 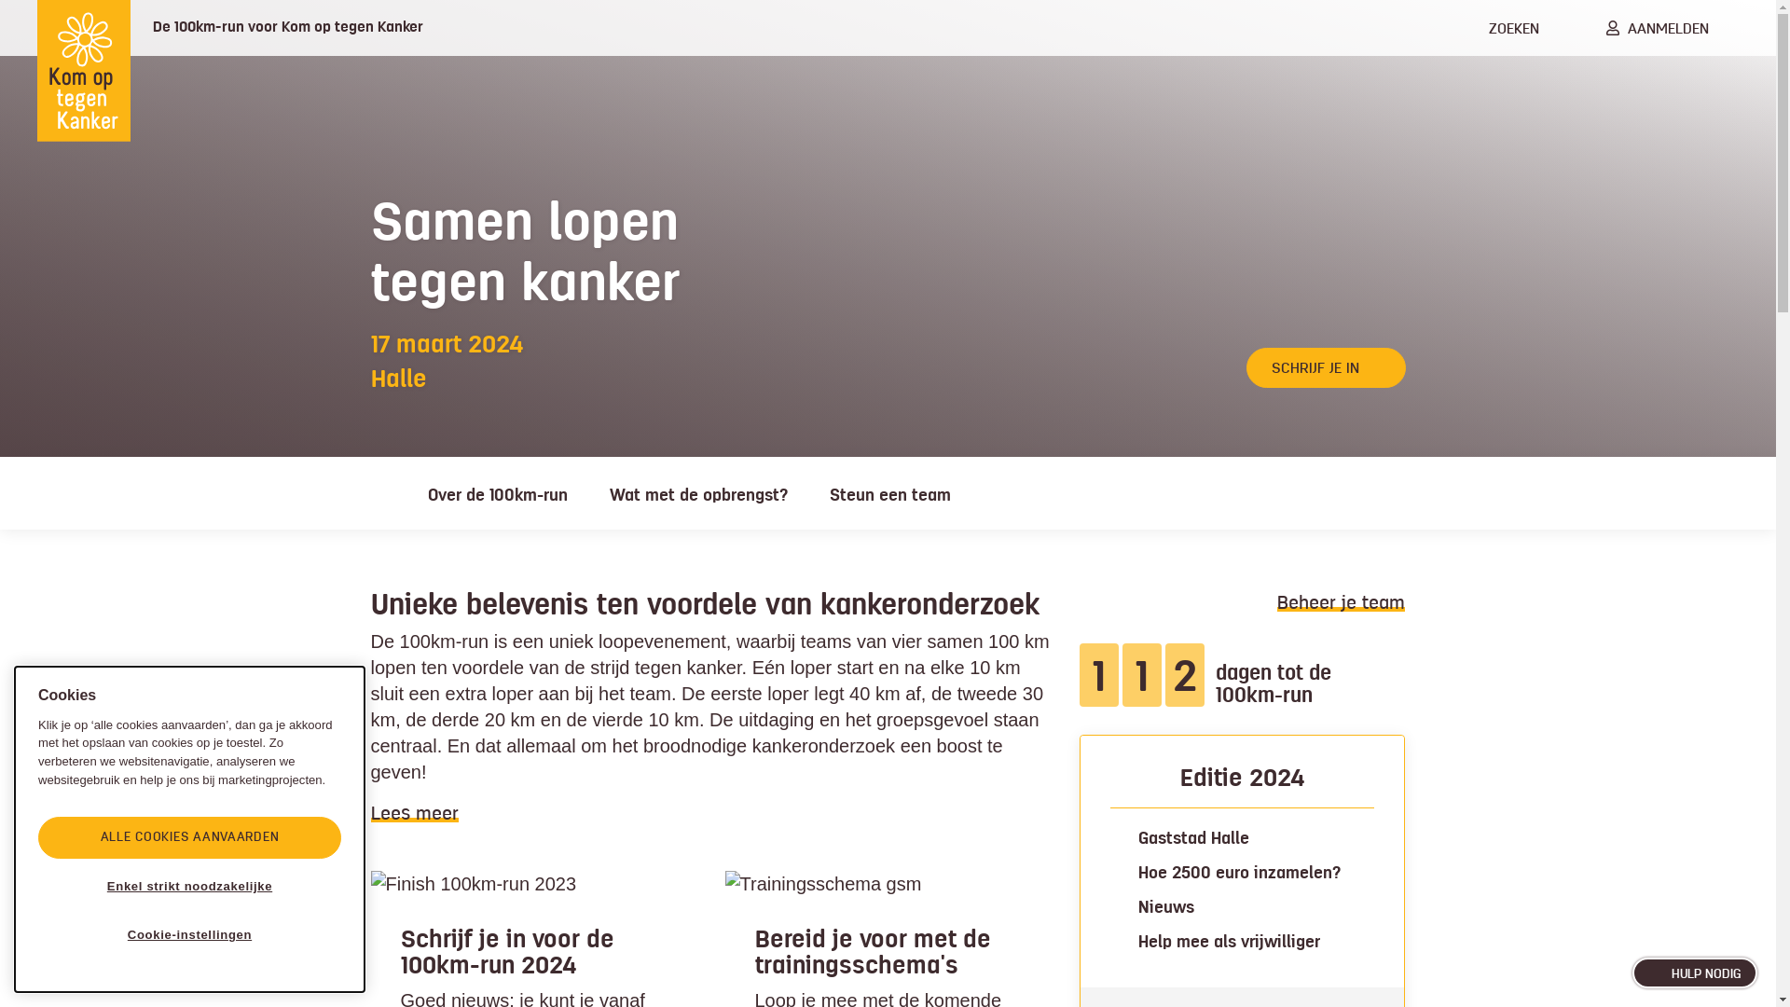 What do you see at coordinates (1228, 942) in the screenshot?
I see `'Help mee als vrijwilliger'` at bounding box center [1228, 942].